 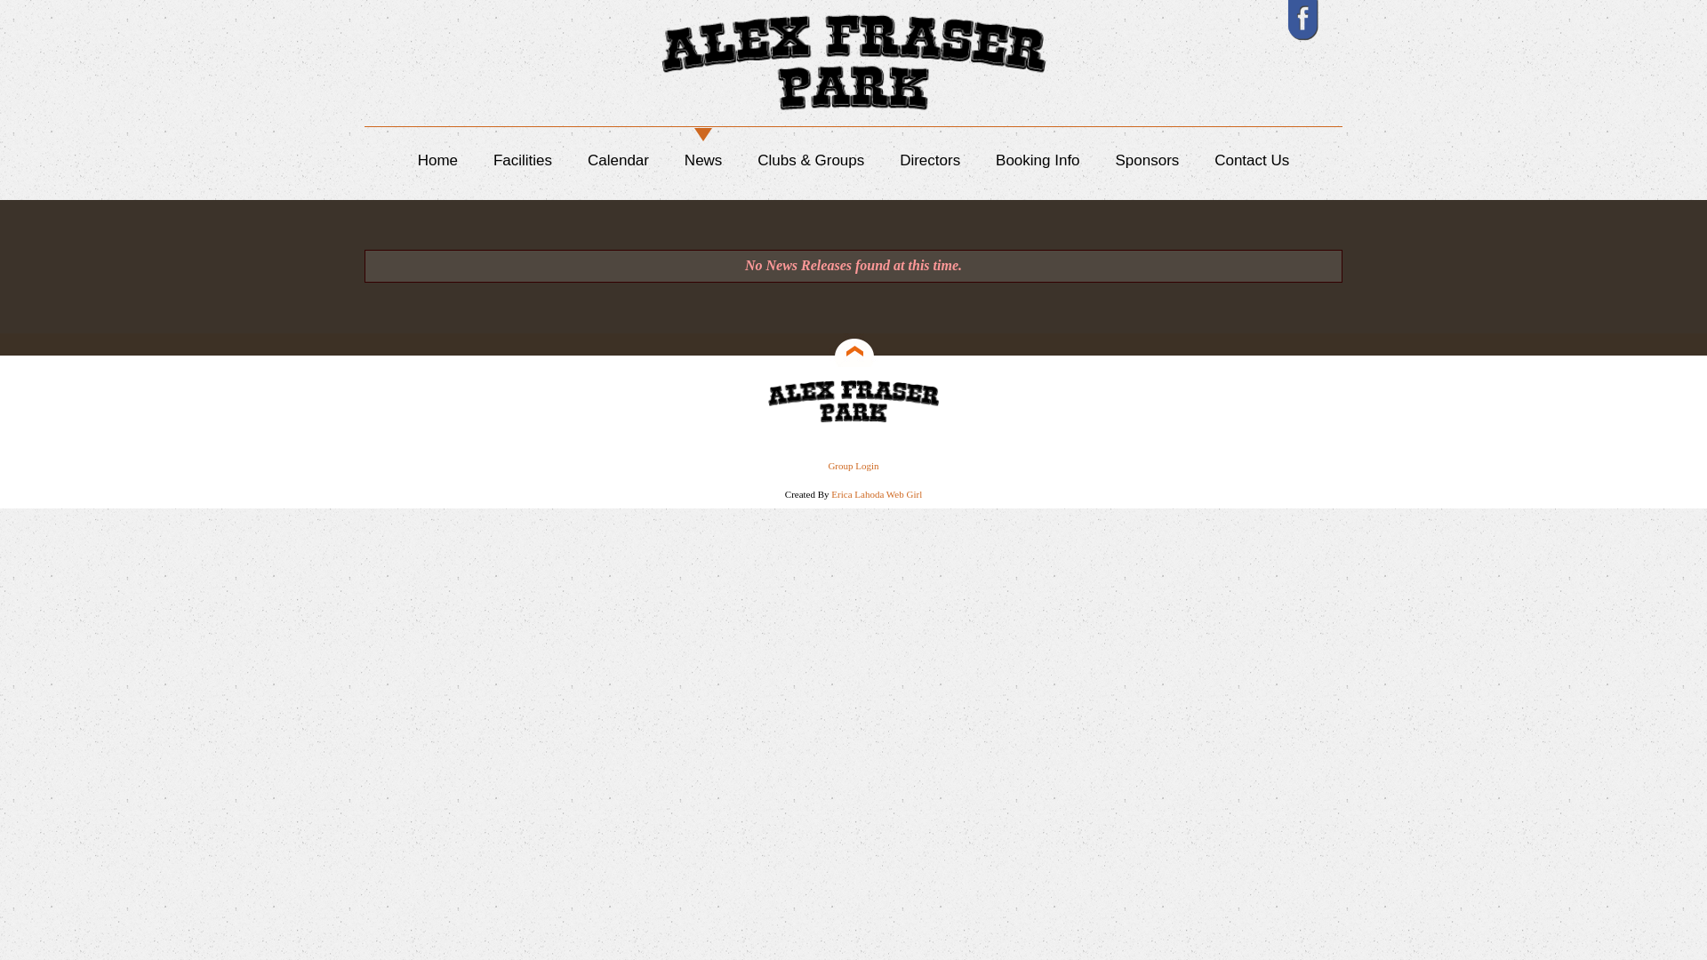 I want to click on 'Sponsors', so click(x=1147, y=160).